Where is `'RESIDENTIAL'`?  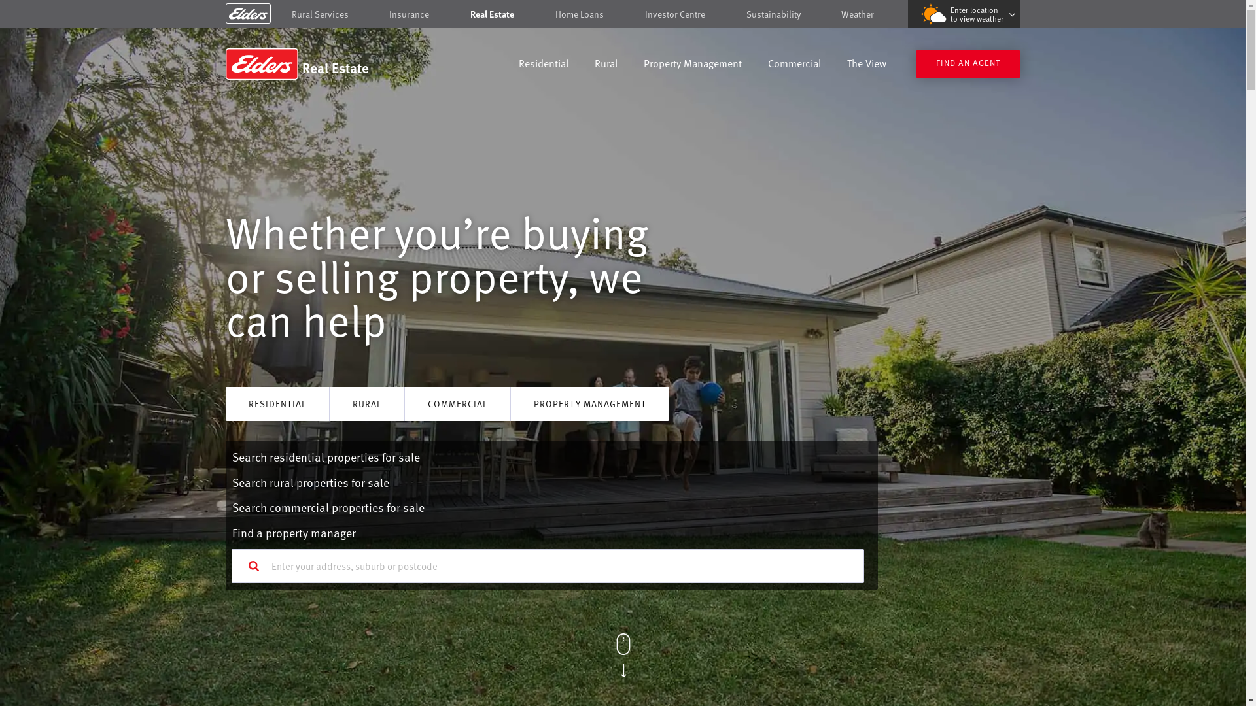
'RESIDENTIAL' is located at coordinates (277, 403).